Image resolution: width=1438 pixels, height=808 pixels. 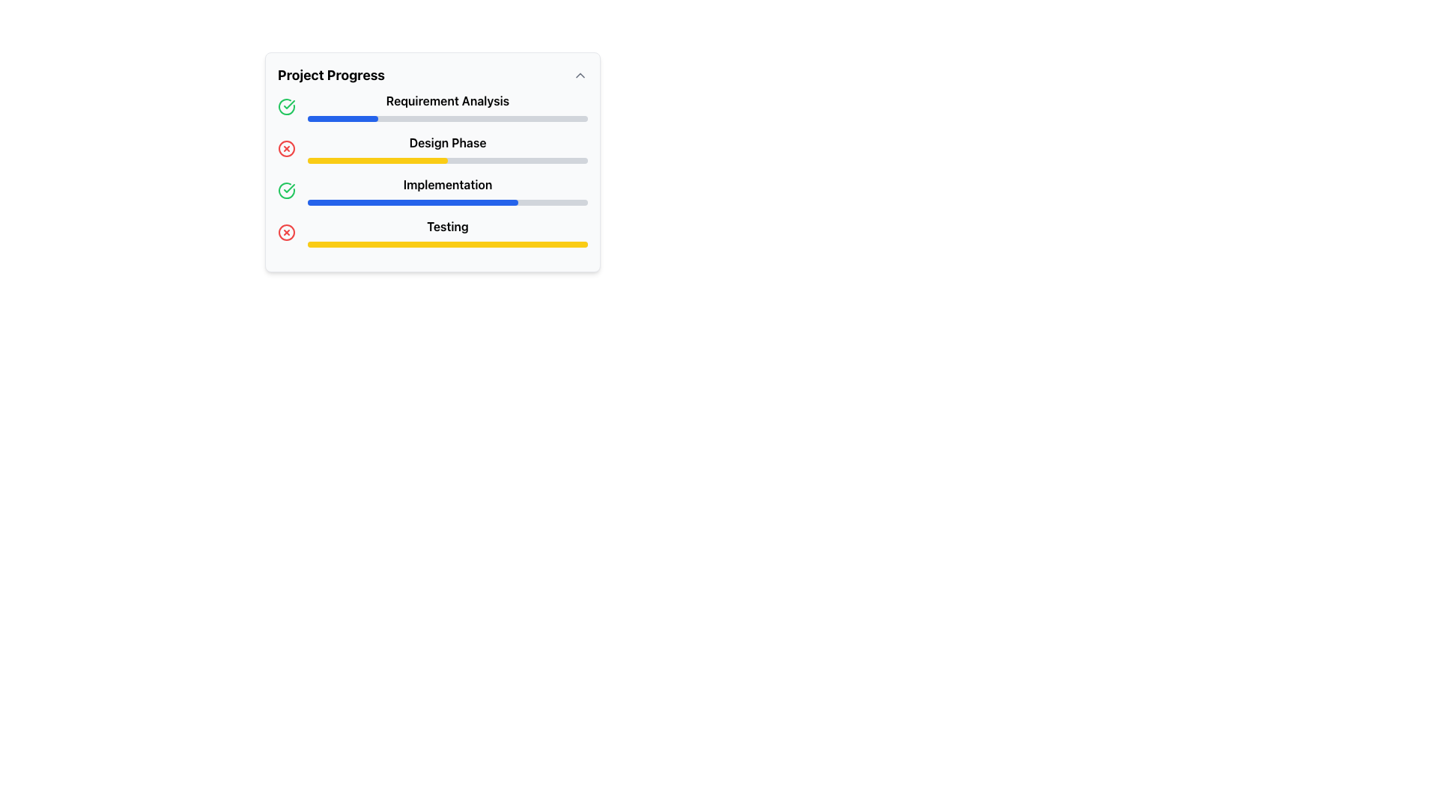 I want to click on the Progress Indicator for the 'Testing' phase, so click(x=431, y=233).